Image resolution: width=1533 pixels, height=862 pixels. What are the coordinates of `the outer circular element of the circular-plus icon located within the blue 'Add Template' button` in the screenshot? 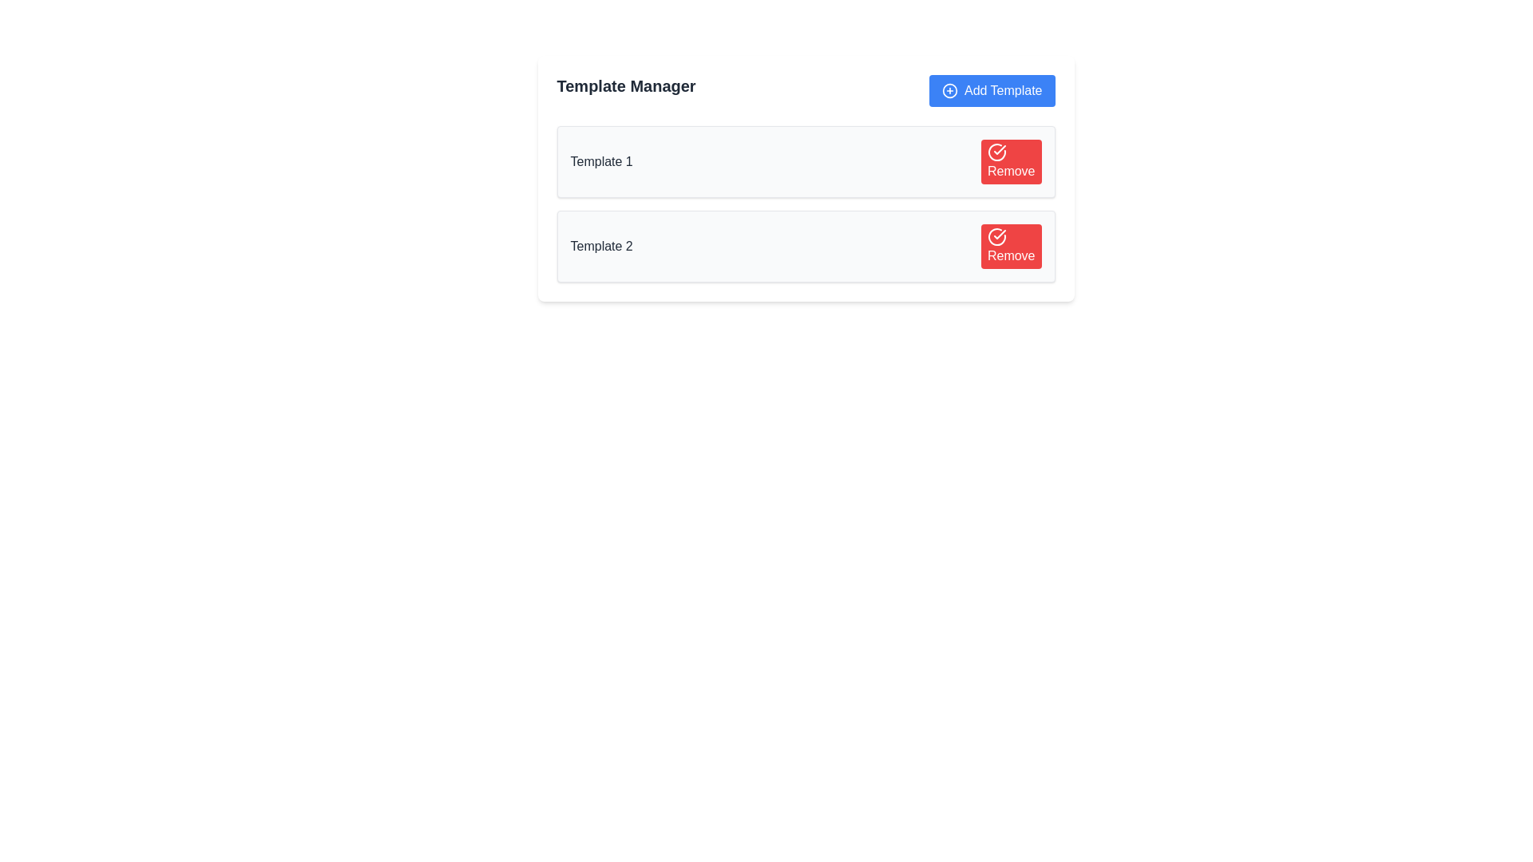 It's located at (950, 91).